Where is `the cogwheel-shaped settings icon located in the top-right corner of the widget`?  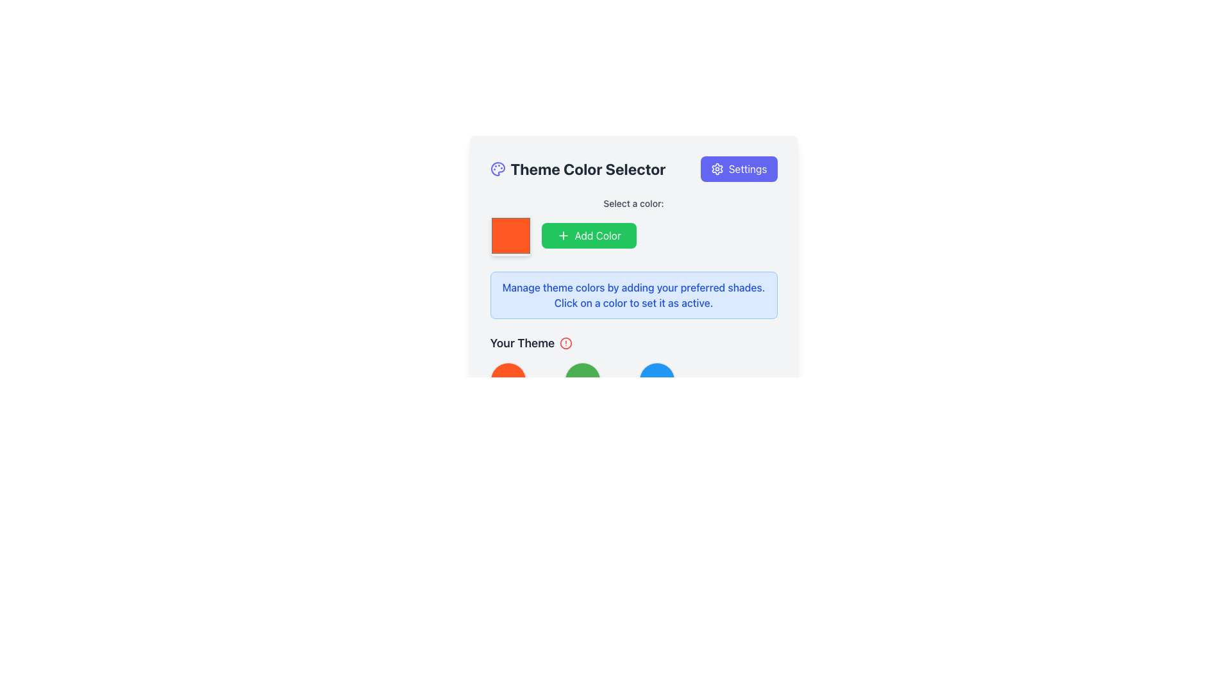 the cogwheel-shaped settings icon located in the top-right corner of the widget is located at coordinates (716, 168).